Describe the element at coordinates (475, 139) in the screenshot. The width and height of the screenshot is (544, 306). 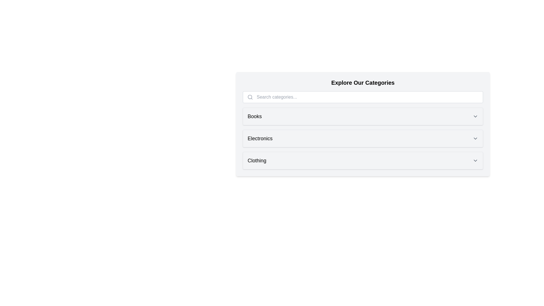
I see `the chevron of the category Electronics to expand or collapse it` at that location.